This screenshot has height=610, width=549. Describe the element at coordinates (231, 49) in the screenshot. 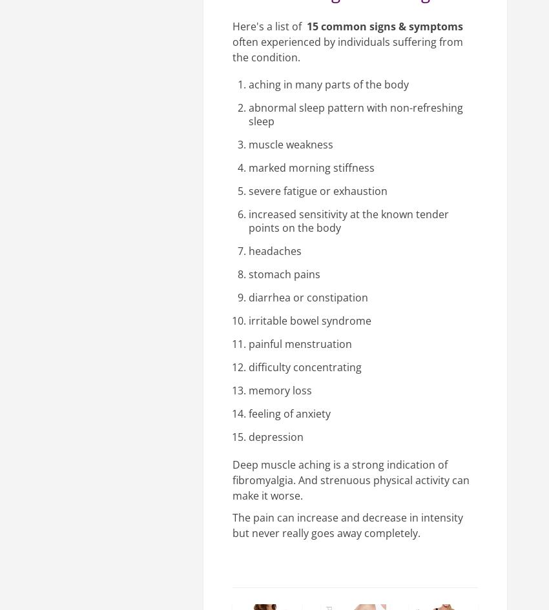

I see `'often experienced by individuals suffering from the condition.'` at that location.